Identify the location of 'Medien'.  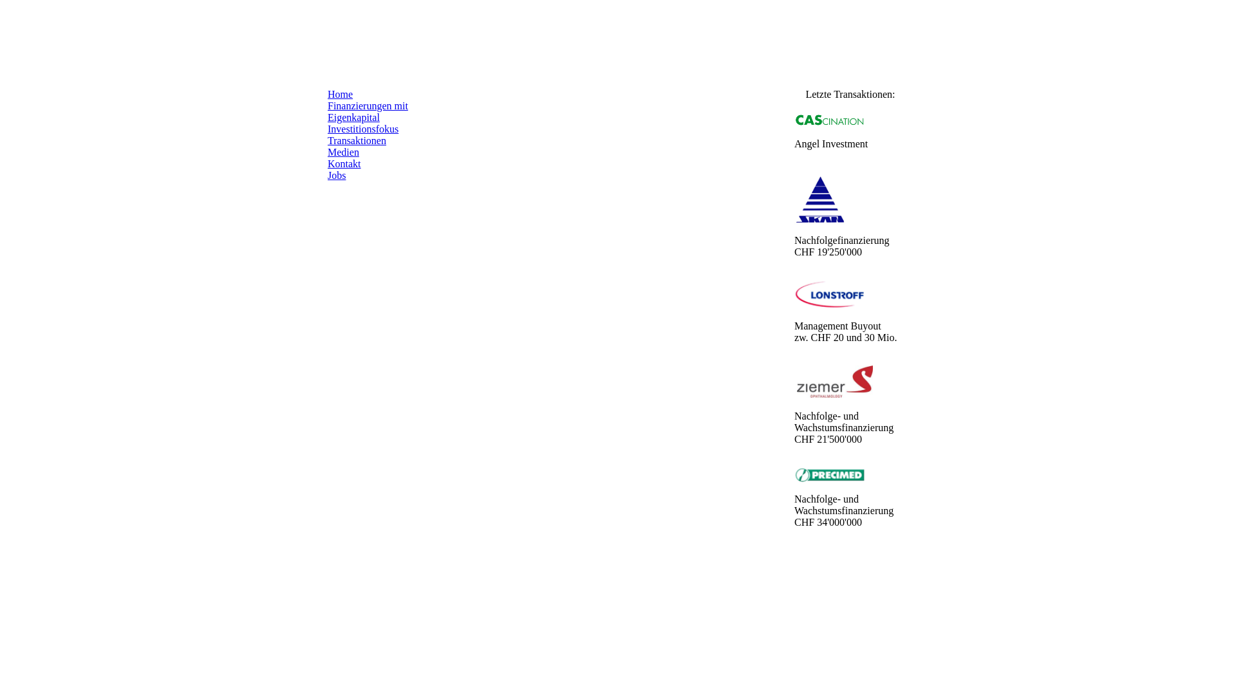
(343, 151).